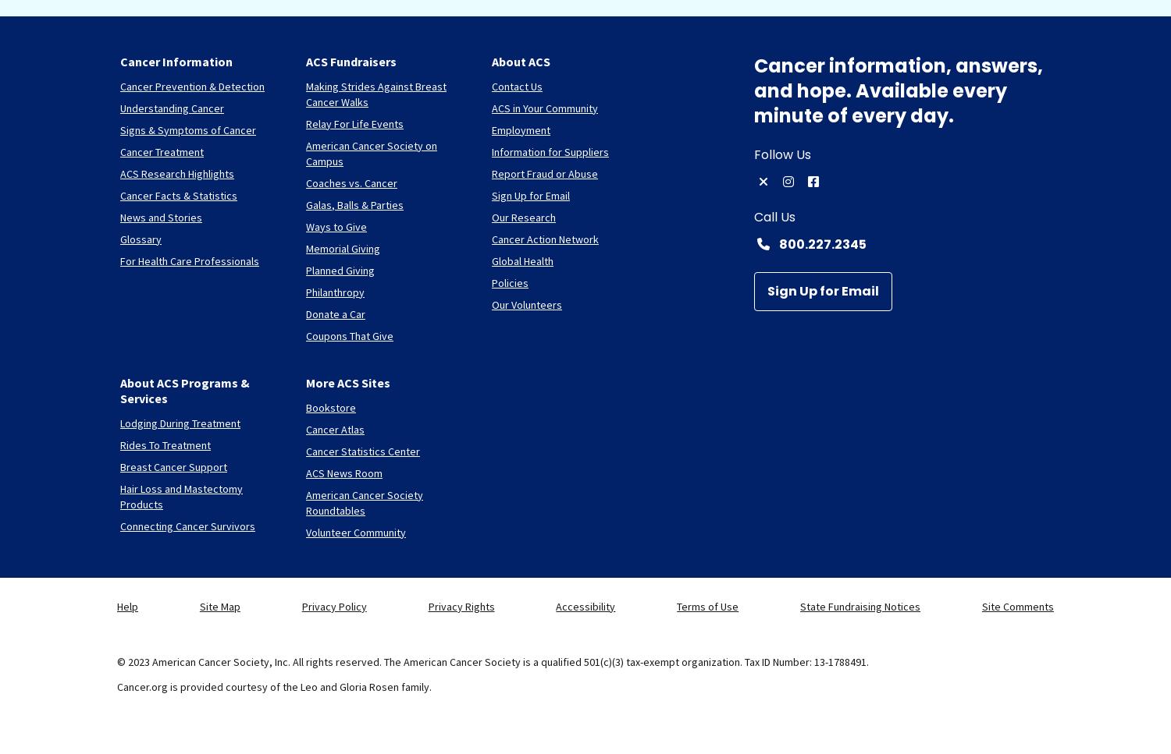 The width and height of the screenshot is (1171, 754). What do you see at coordinates (707, 605) in the screenshot?
I see `'Terms of Use'` at bounding box center [707, 605].